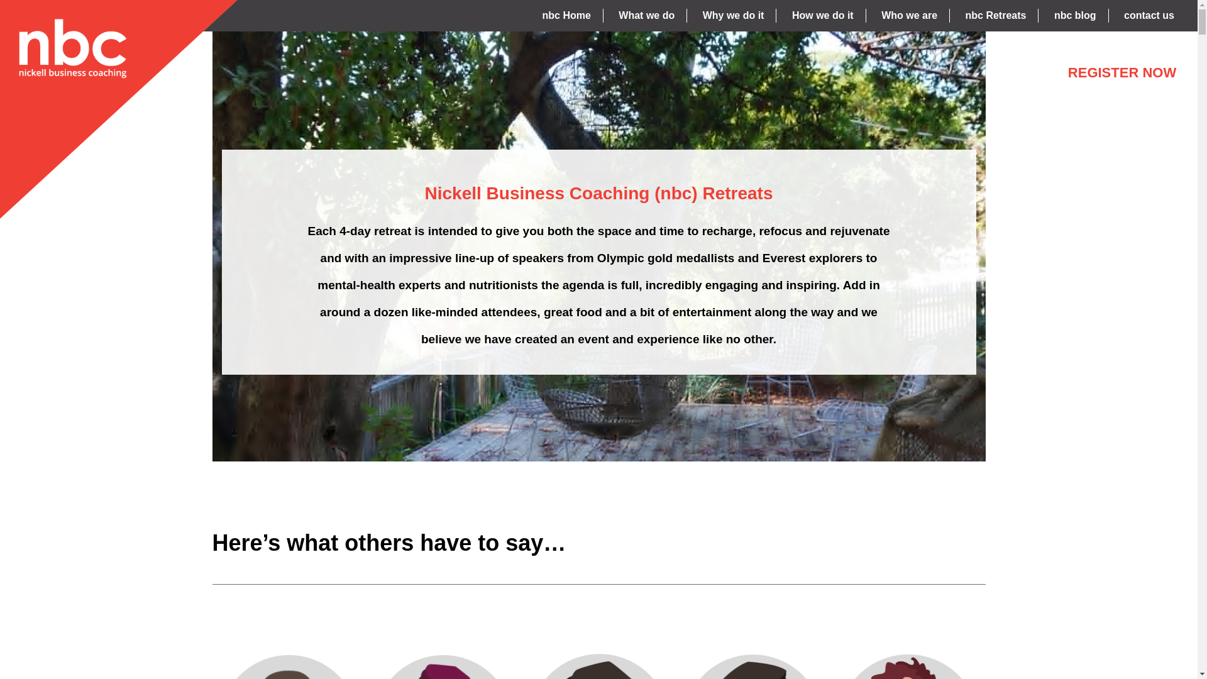 The height and width of the screenshot is (679, 1207). I want to click on 'How we do it', so click(791, 15).